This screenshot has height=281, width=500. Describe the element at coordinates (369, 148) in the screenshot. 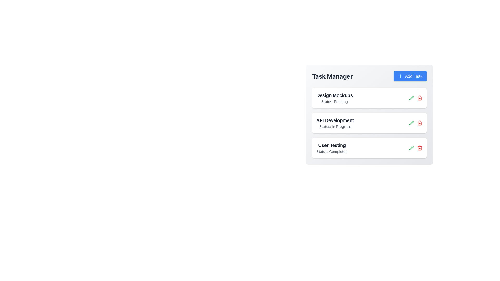

I see `the third task item card labeled 'User Testing'` at that location.